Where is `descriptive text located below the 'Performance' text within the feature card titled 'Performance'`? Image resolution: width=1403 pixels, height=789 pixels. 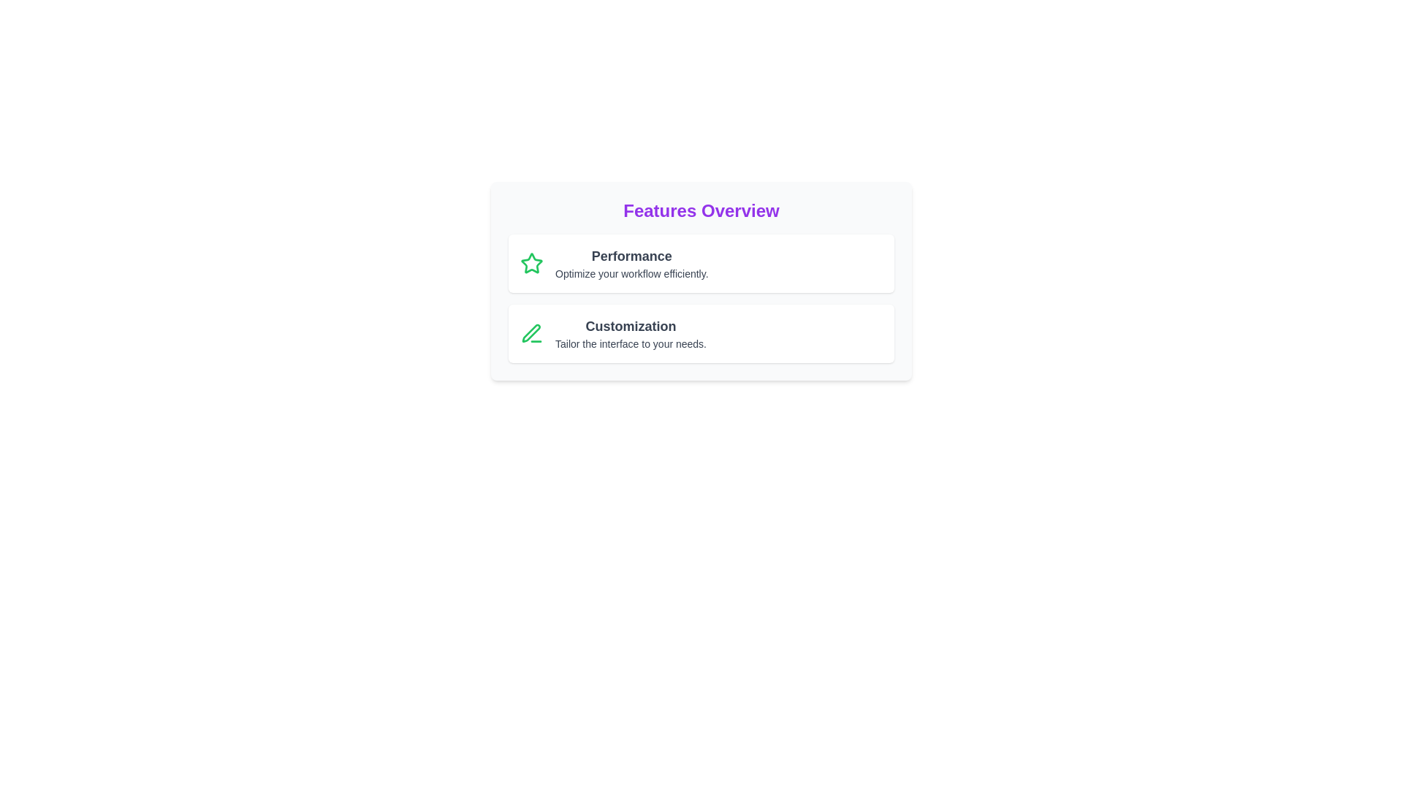
descriptive text located below the 'Performance' text within the feature card titled 'Performance' is located at coordinates (631, 273).